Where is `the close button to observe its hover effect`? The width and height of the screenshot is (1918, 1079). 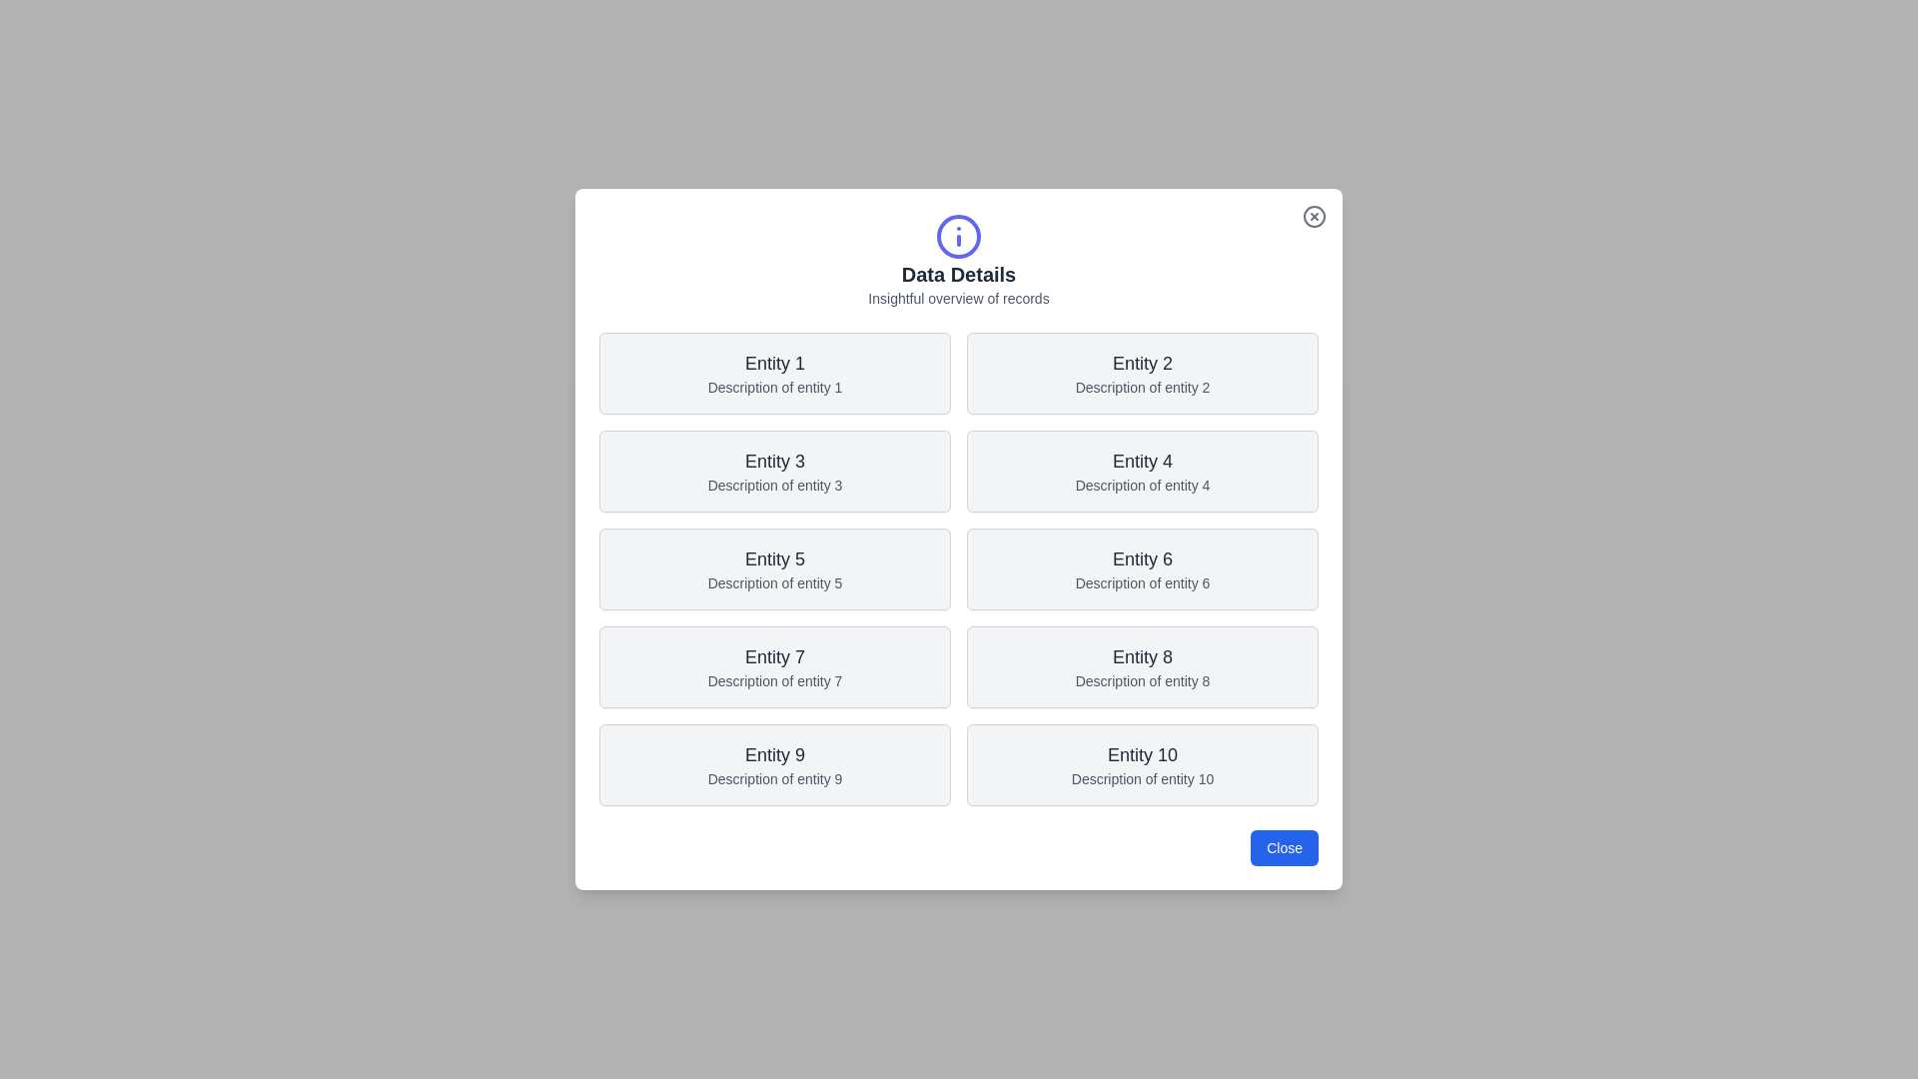
the close button to observe its hover effect is located at coordinates (1314, 216).